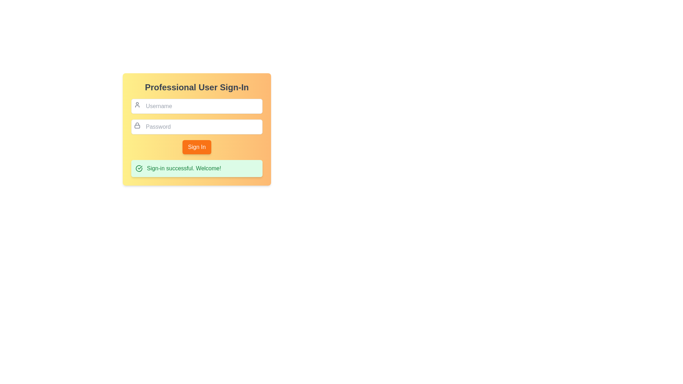 The height and width of the screenshot is (384, 683). Describe the element at coordinates (197, 146) in the screenshot. I see `the 'Sign In' button with a vibrant orange background` at that location.